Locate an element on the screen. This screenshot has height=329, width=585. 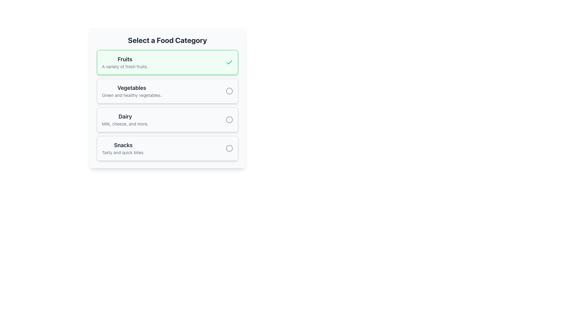
the 'Snacks' category button, which is the last item in a vertical list under 'Select a Food Category' is located at coordinates (167, 148).